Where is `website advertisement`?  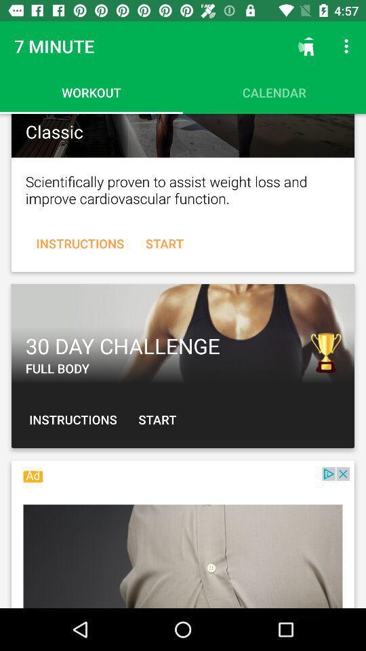 website advertisement is located at coordinates (183, 538).